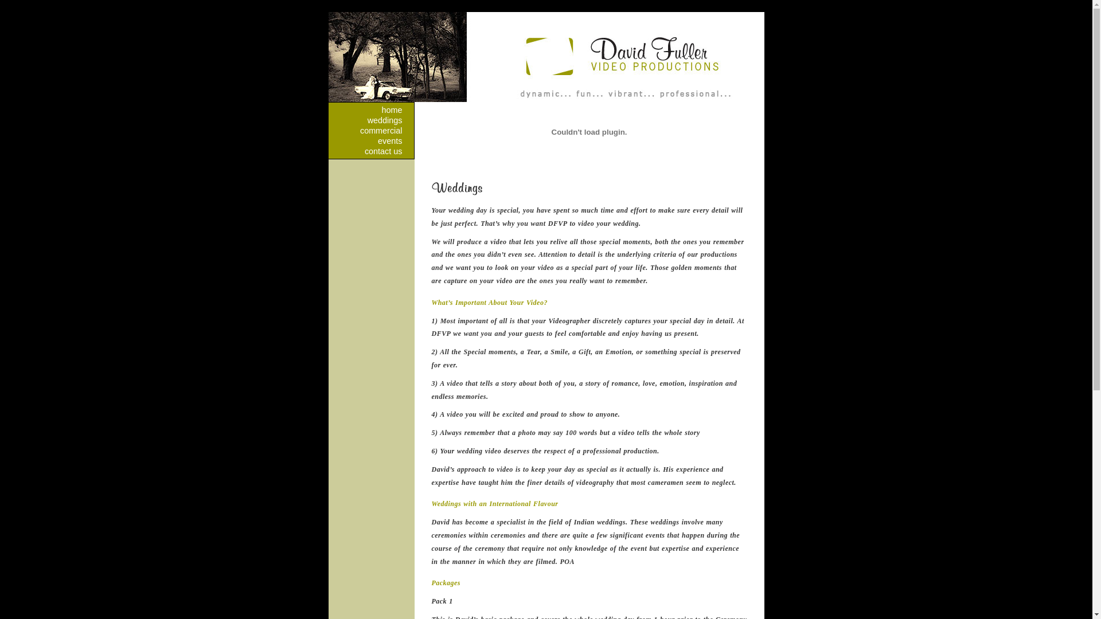 Image resolution: width=1101 pixels, height=619 pixels. What do you see at coordinates (413, 131) in the screenshot?
I see `'David Fuller Coomercial Photography'` at bounding box center [413, 131].